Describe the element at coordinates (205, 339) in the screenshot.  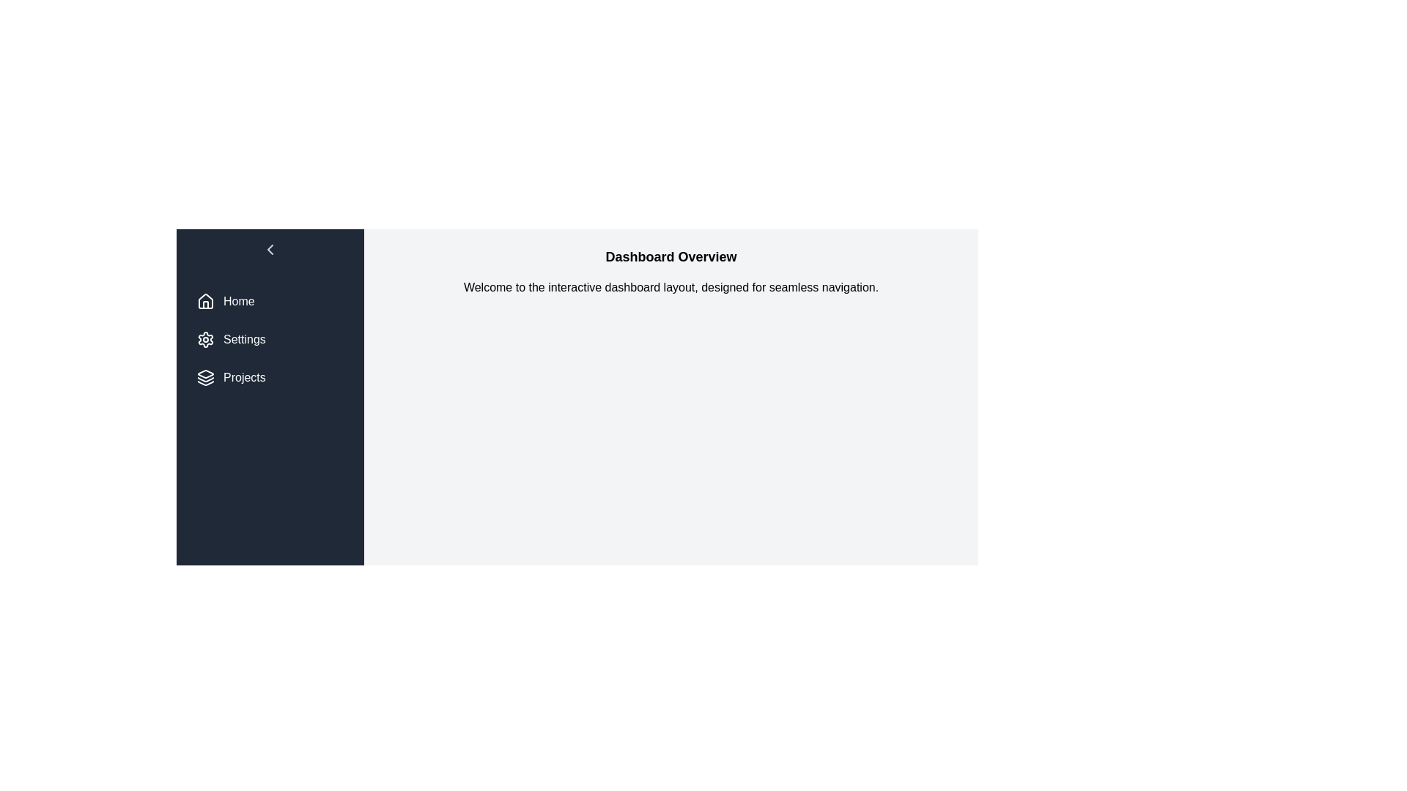
I see `the settings icon, which is a gear-shaped icon located to the left of the 'Settings' text label in the navigation menu` at that location.